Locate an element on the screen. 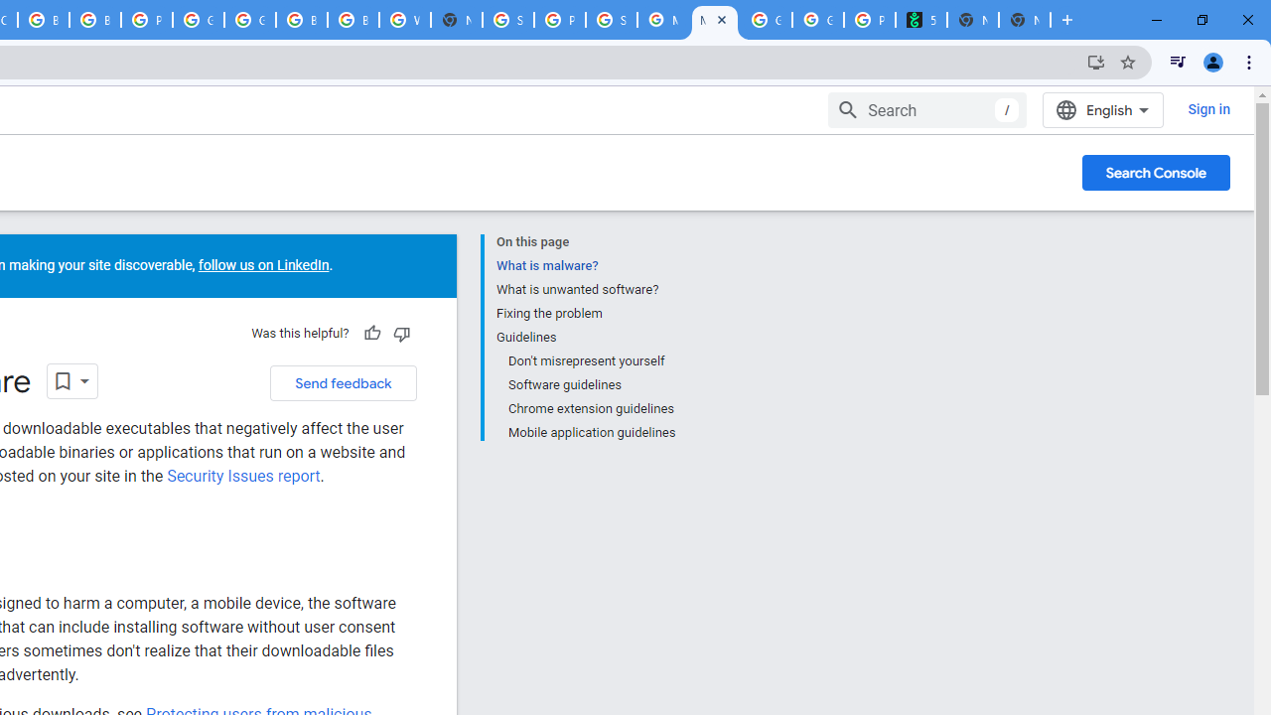 The image size is (1271, 715). 'Software guidelines' is located at coordinates (590, 385).